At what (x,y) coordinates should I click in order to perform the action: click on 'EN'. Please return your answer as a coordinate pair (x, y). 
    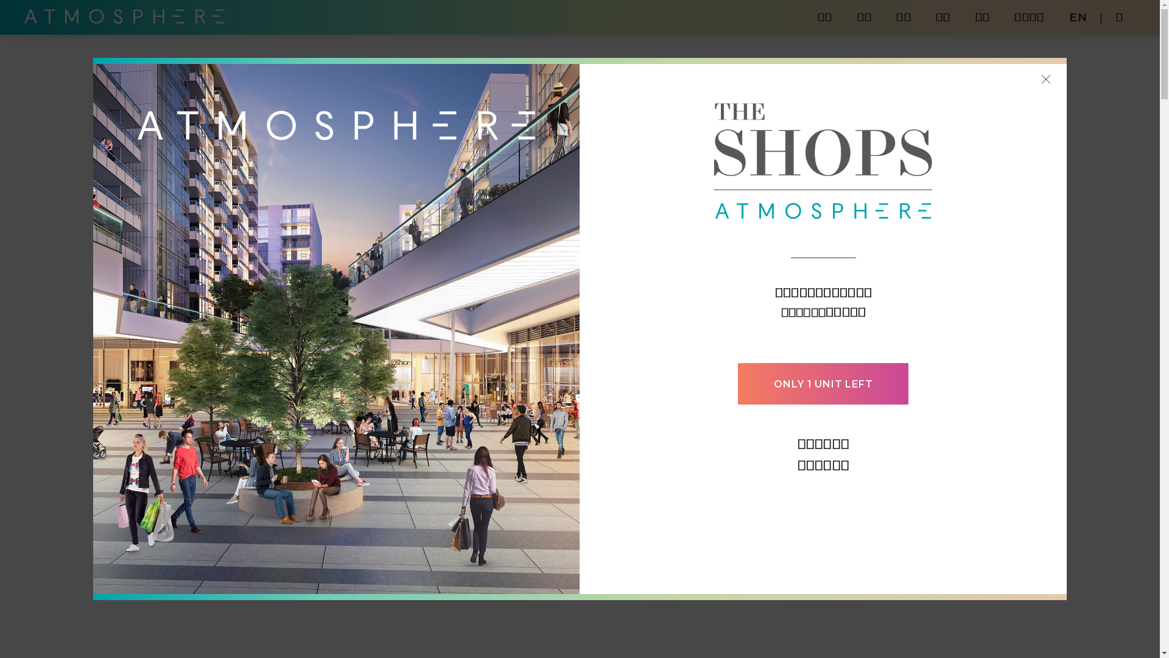
    Looking at the image, I should click on (1078, 17).